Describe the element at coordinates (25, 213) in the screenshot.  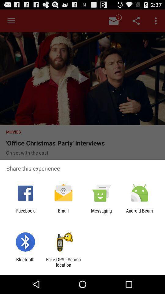
I see `the icon next to email item` at that location.